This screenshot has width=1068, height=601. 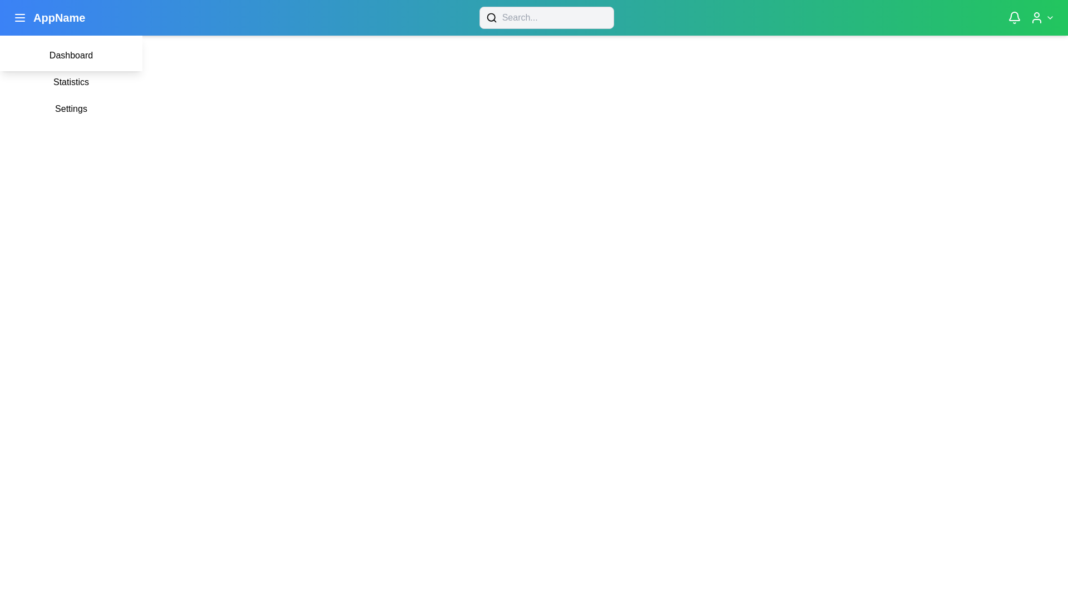 What do you see at coordinates (71, 109) in the screenshot?
I see `the settings button located in the dropdown menu, which is the third item below 'Statistics'` at bounding box center [71, 109].